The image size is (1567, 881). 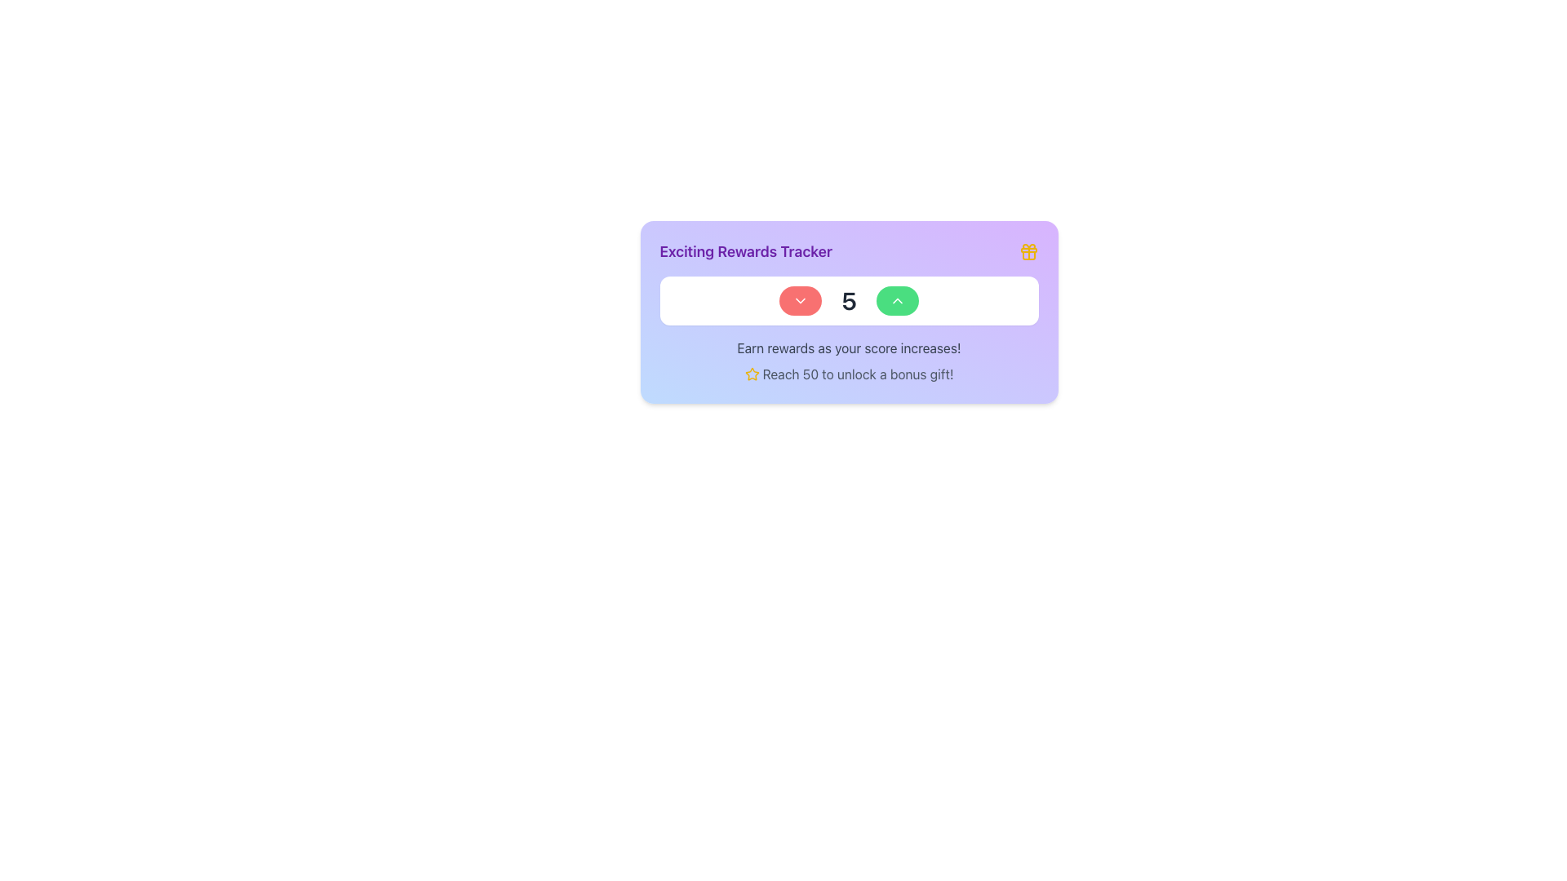 I want to click on the static text label that reads 'Reach 50 to unlock a bonus gift!' located at the bottom section of the 'Exciting Rewards Tracker' card, so click(x=857, y=374).